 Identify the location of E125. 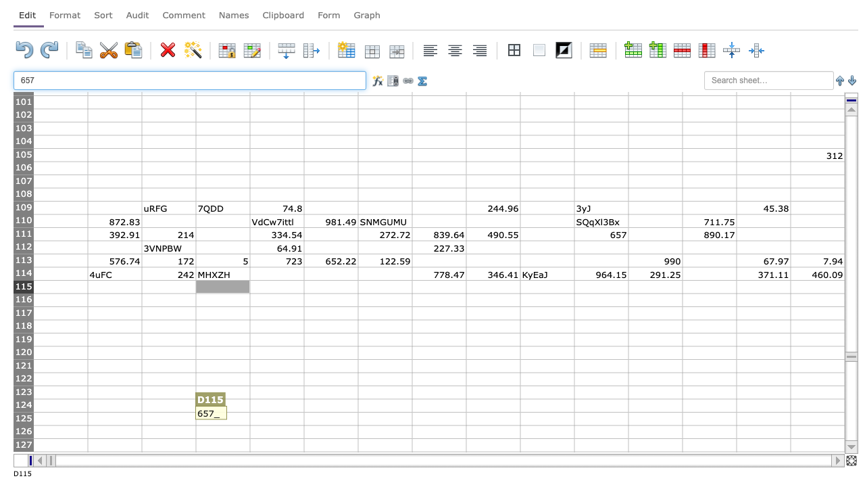
(276, 418).